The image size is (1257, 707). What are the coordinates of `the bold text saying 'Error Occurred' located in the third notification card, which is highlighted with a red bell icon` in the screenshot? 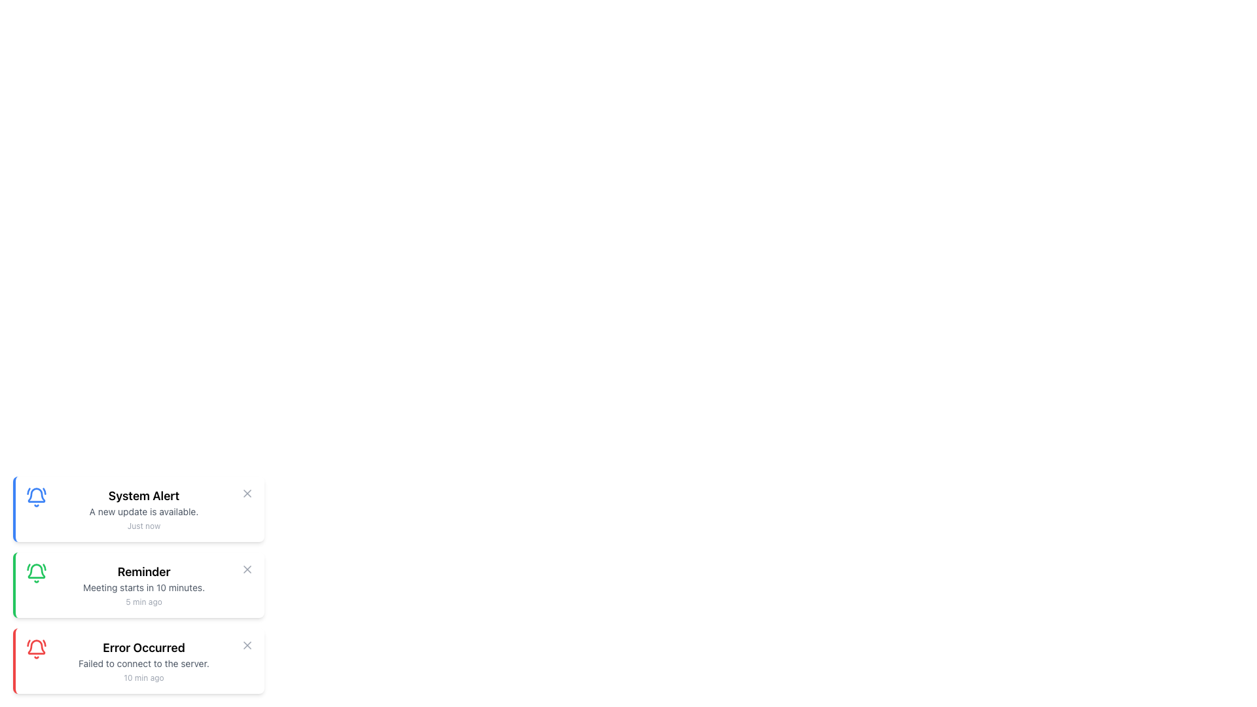 It's located at (144, 648).